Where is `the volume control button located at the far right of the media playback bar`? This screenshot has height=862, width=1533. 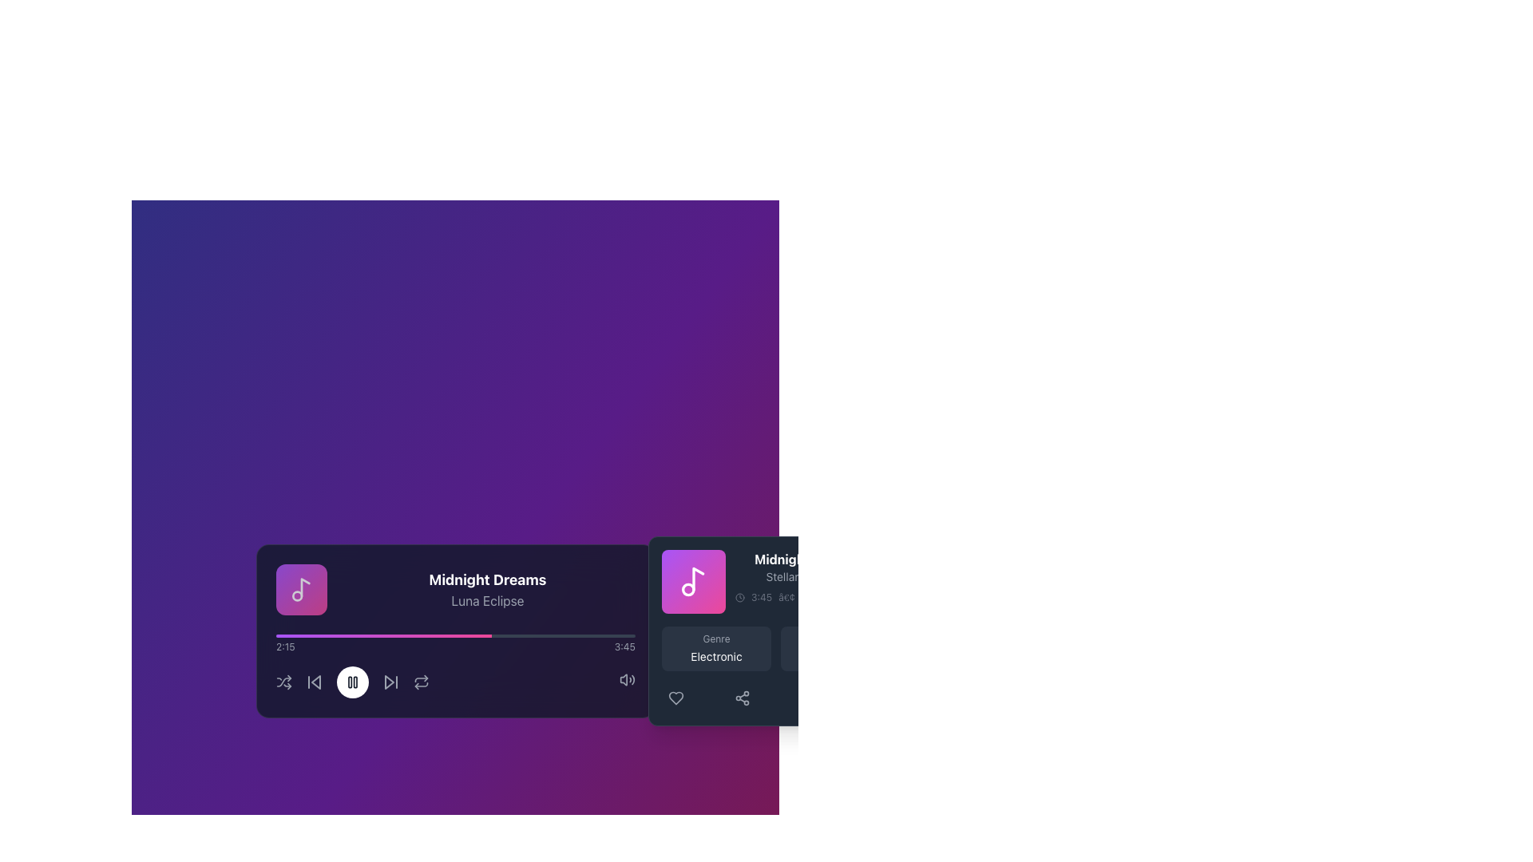 the volume control button located at the far right of the media playback bar is located at coordinates (626, 682).